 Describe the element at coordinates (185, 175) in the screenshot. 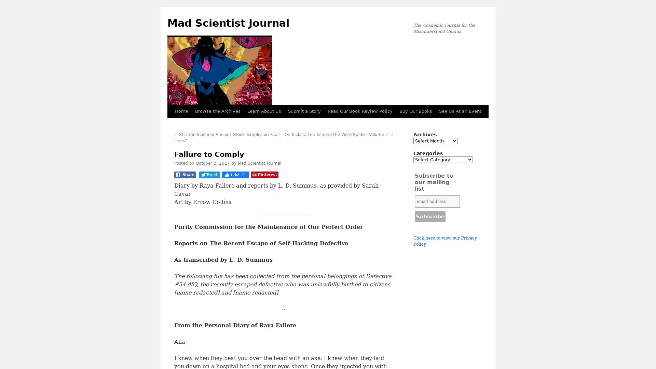

I see `Share` at that location.